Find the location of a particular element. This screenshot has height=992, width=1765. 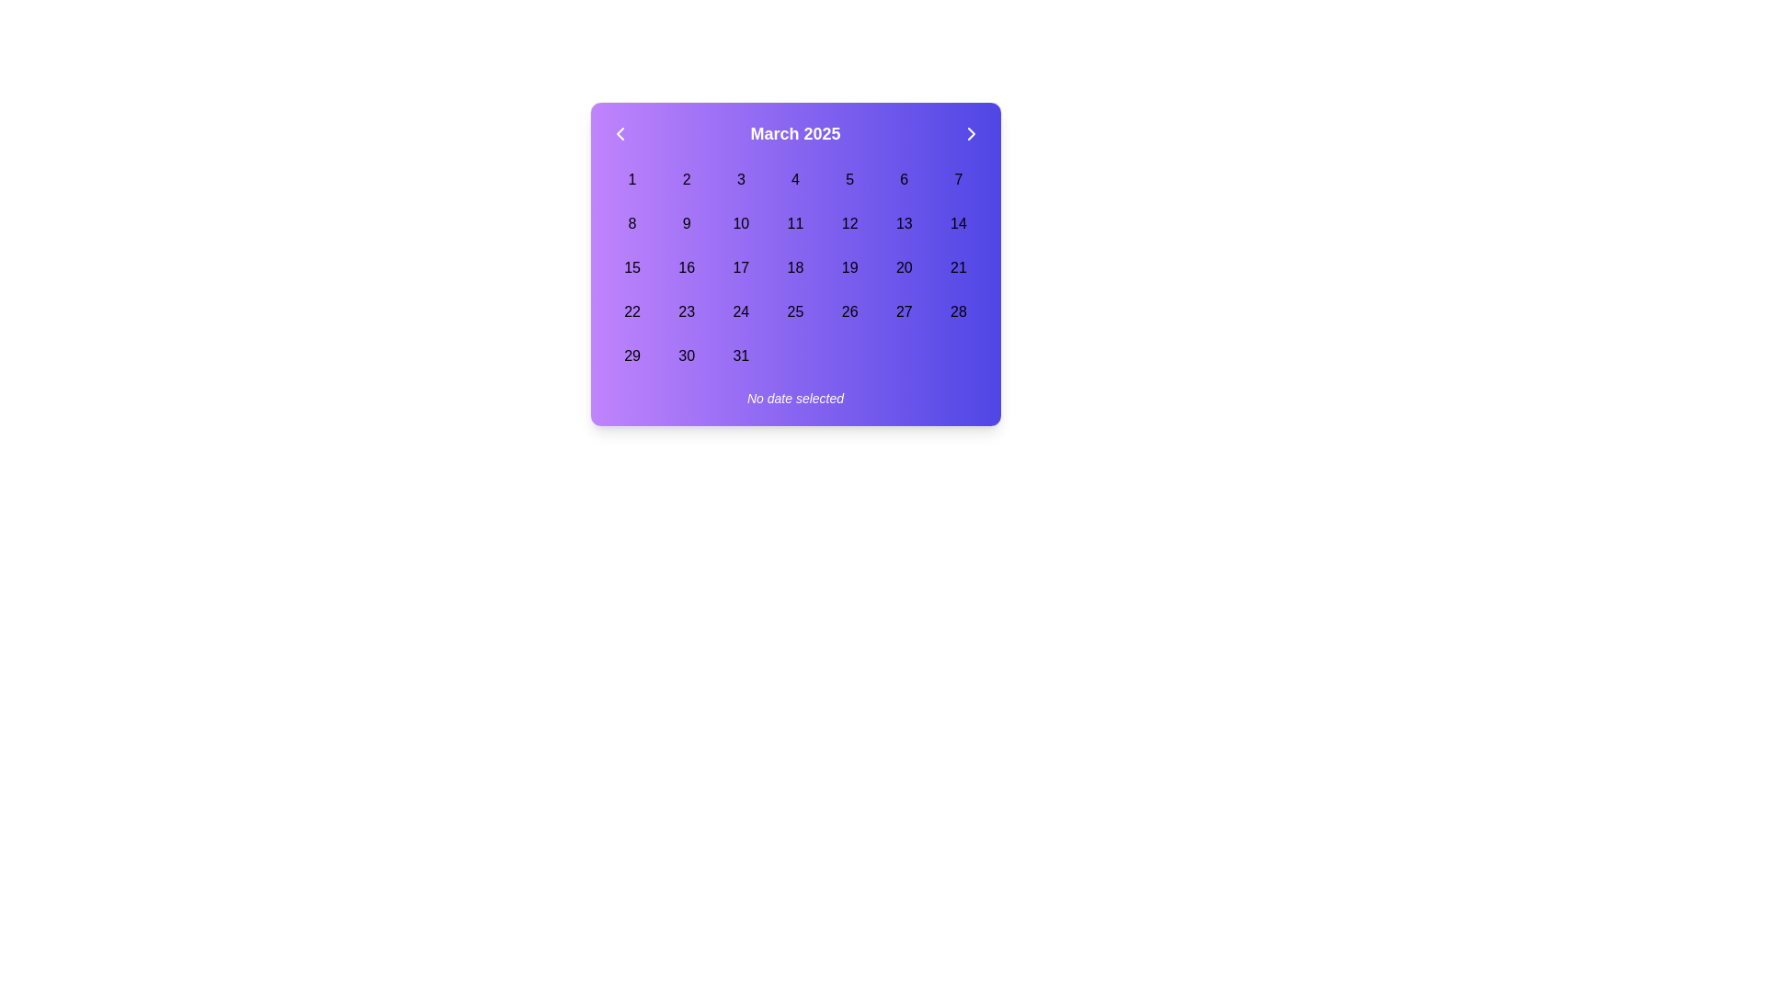

the button representing the 7th day in the calendar grid is located at coordinates (957, 180).